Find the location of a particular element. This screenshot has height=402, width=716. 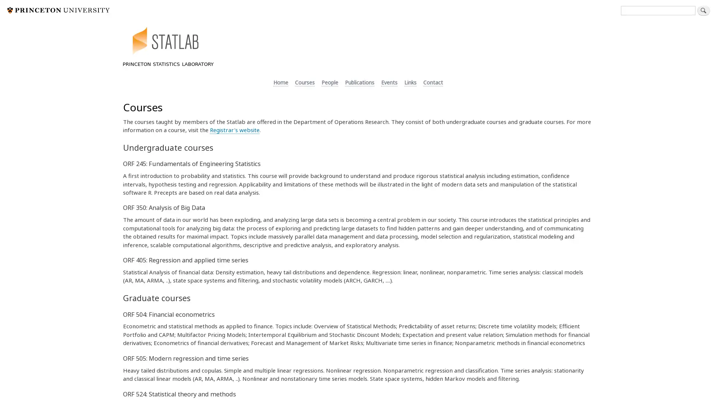

Search is located at coordinates (703, 10).